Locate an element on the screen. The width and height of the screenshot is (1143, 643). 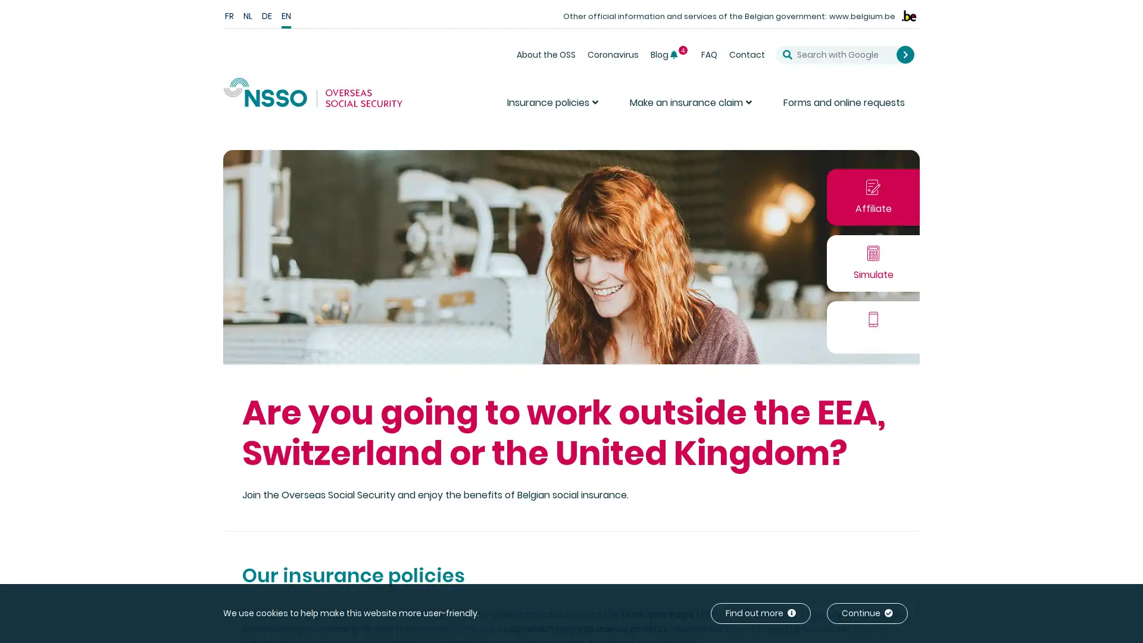
Make an insurance claim is located at coordinates (692, 107).